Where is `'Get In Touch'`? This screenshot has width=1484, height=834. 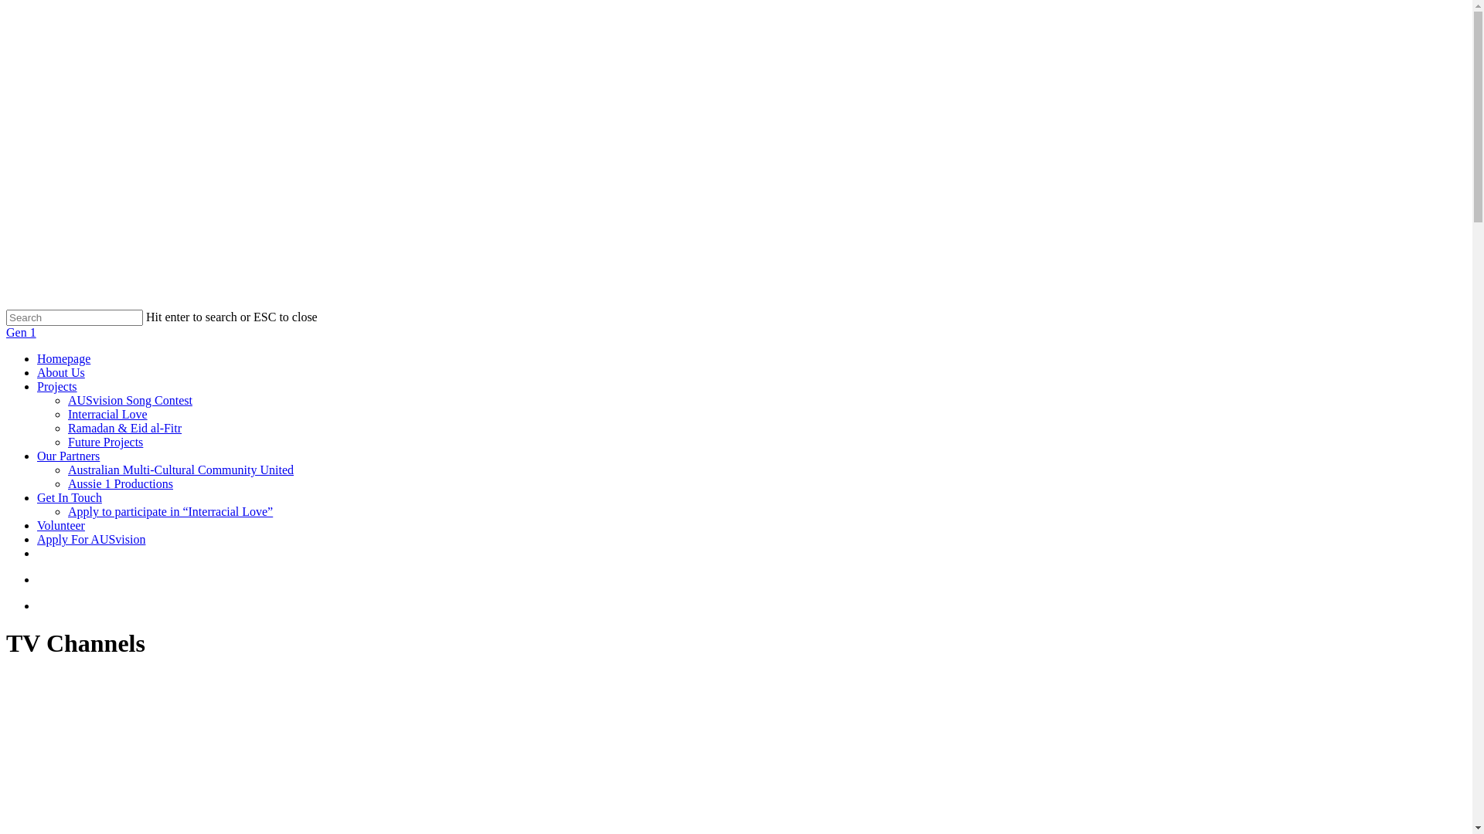 'Get In Touch' is located at coordinates (69, 497).